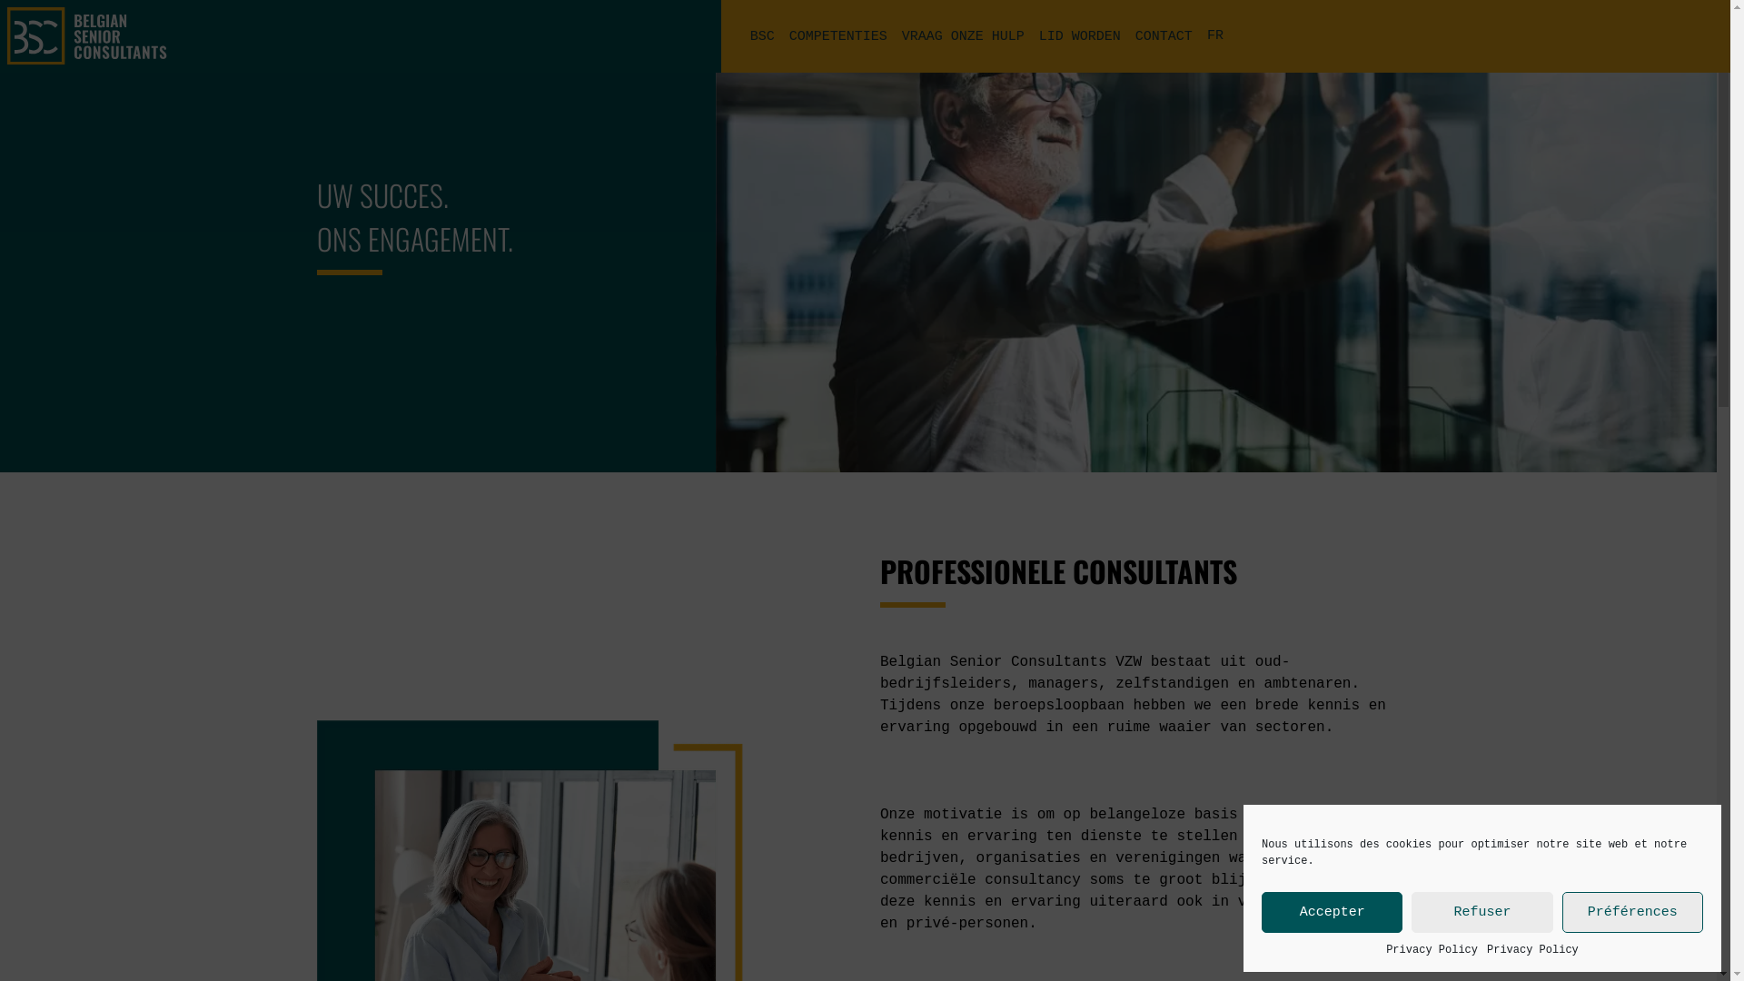  I want to click on 'CONTACT', so click(1134, 36).